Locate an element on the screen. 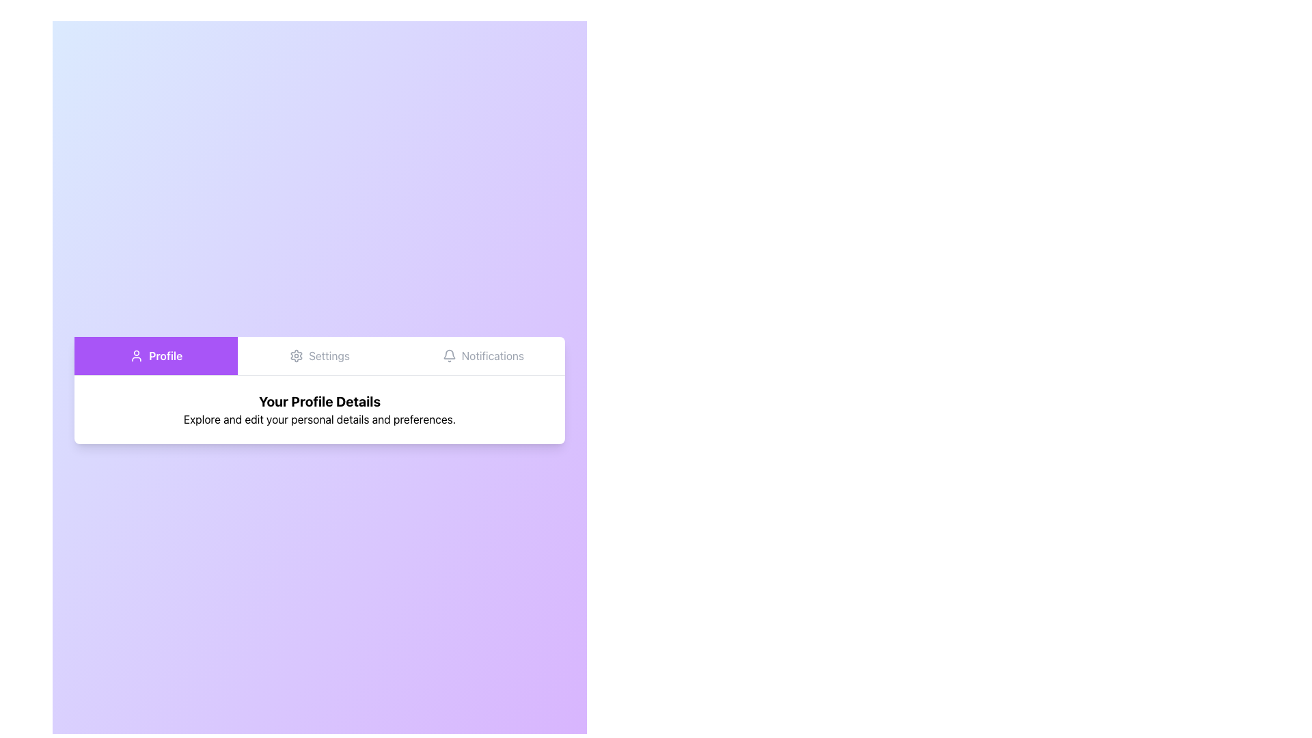  the 'Profile' navigation button, the first button in a horizontal list at the top left of the page is located at coordinates (156, 355).